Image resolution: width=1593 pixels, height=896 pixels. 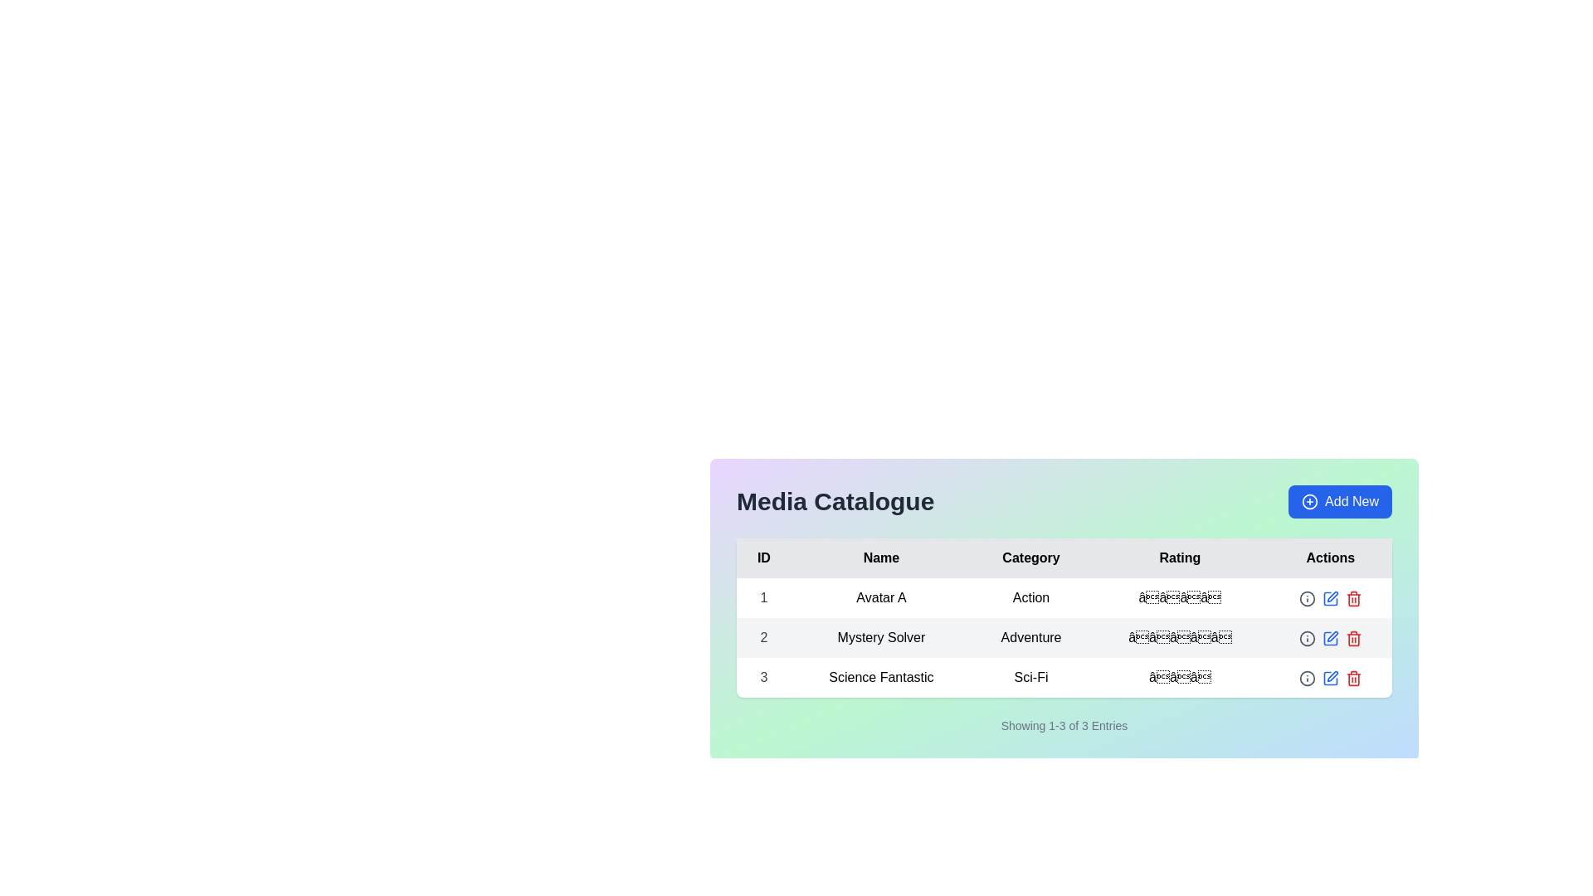 I want to click on the pen-shaped edit icon in the Actions column for the third entry, 'Science Fantastic', in the Media Catalogue table, so click(x=1330, y=678).